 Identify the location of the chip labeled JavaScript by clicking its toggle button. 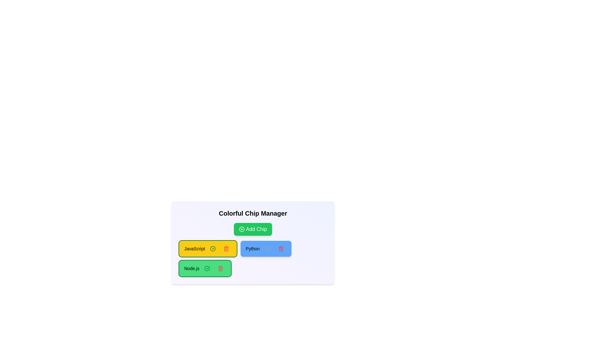
(213, 248).